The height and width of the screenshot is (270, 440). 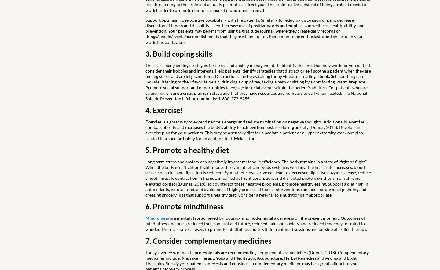 What do you see at coordinates (258, 177) in the screenshot?
I see `'Long term stress and anxiety can negatively impact metabolic efficiency. The body remains in a state of “fight or flight.” When the body is in “fight or flight” mode, the sympathetic nervous system is working: the heart rate increases, blood vessel constrict, and digestion is reduced. Sympathetic overdrive can lead to decreased digestive enzyme release, reduce smooth muscle contraction in the gut, impaired nutrient absorption, and disrupted protein synthesis from chronic elevated cortisol (Dumas, 2018). To counteract these negative problems, promote healthy eating. Support a diet high in antioxidants, natural food, and avoidance of highly processed foods. Interventions can incorporate meal planning and creating grocery lists that support a healthy diet. Consider a referral to a nutritionist if appropriate.'` at bounding box center [258, 177].